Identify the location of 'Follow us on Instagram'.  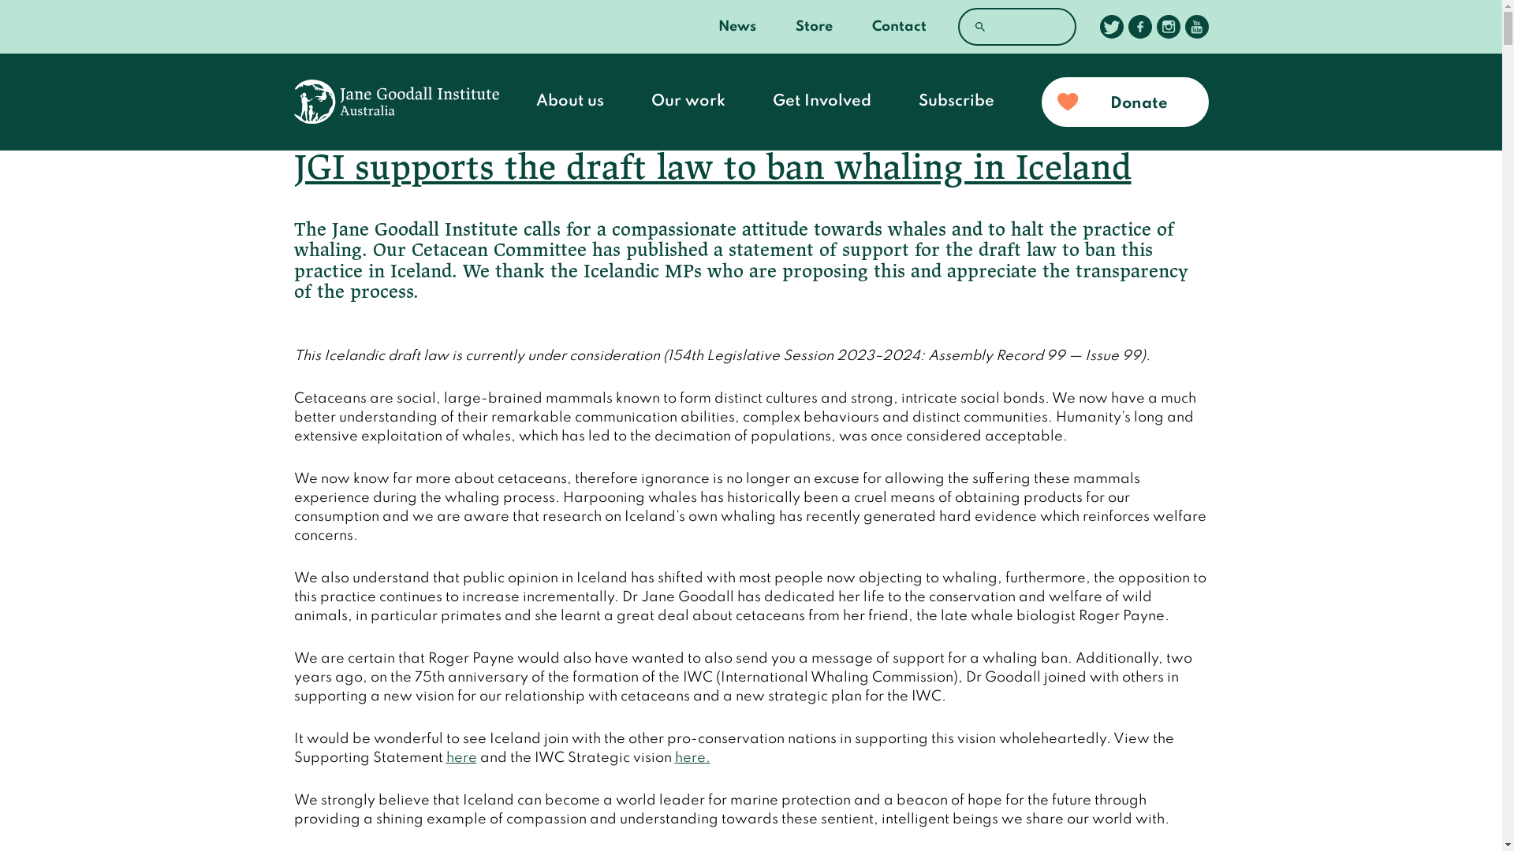
(1168, 27).